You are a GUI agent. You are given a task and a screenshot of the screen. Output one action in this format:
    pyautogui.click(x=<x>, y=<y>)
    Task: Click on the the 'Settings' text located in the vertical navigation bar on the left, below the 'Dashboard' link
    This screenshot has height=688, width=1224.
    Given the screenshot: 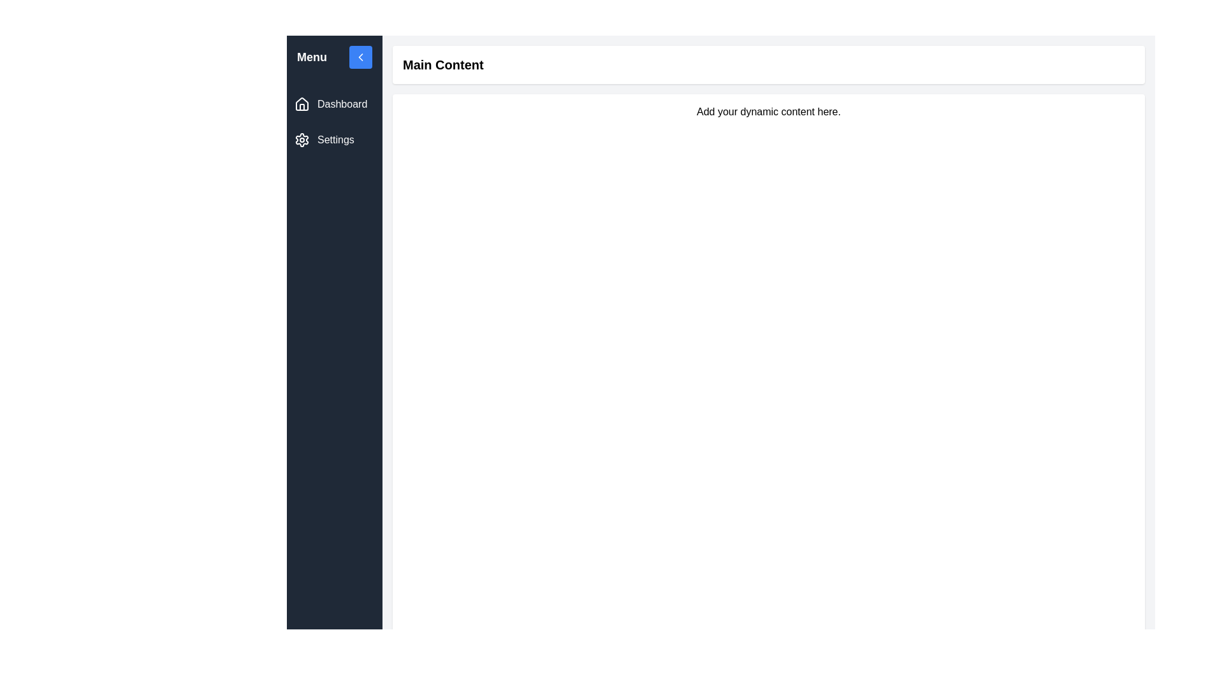 What is the action you would take?
    pyautogui.click(x=335, y=140)
    